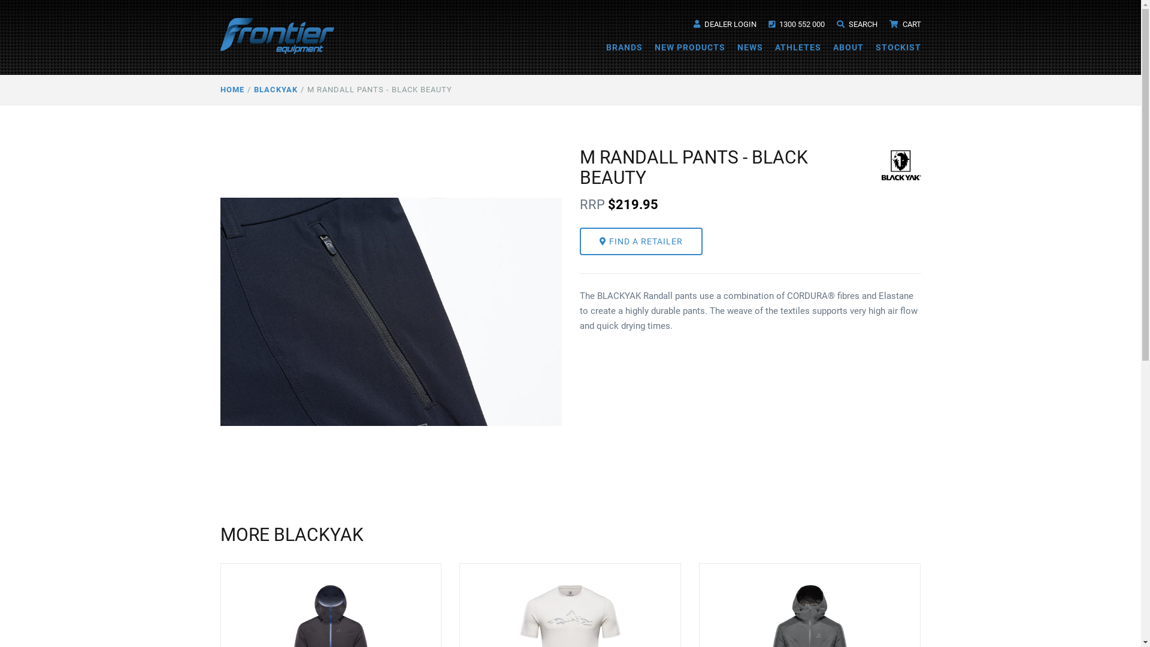 This screenshot has width=1150, height=647. Describe the element at coordinates (898, 46) in the screenshot. I see `'STOCKIST'` at that location.